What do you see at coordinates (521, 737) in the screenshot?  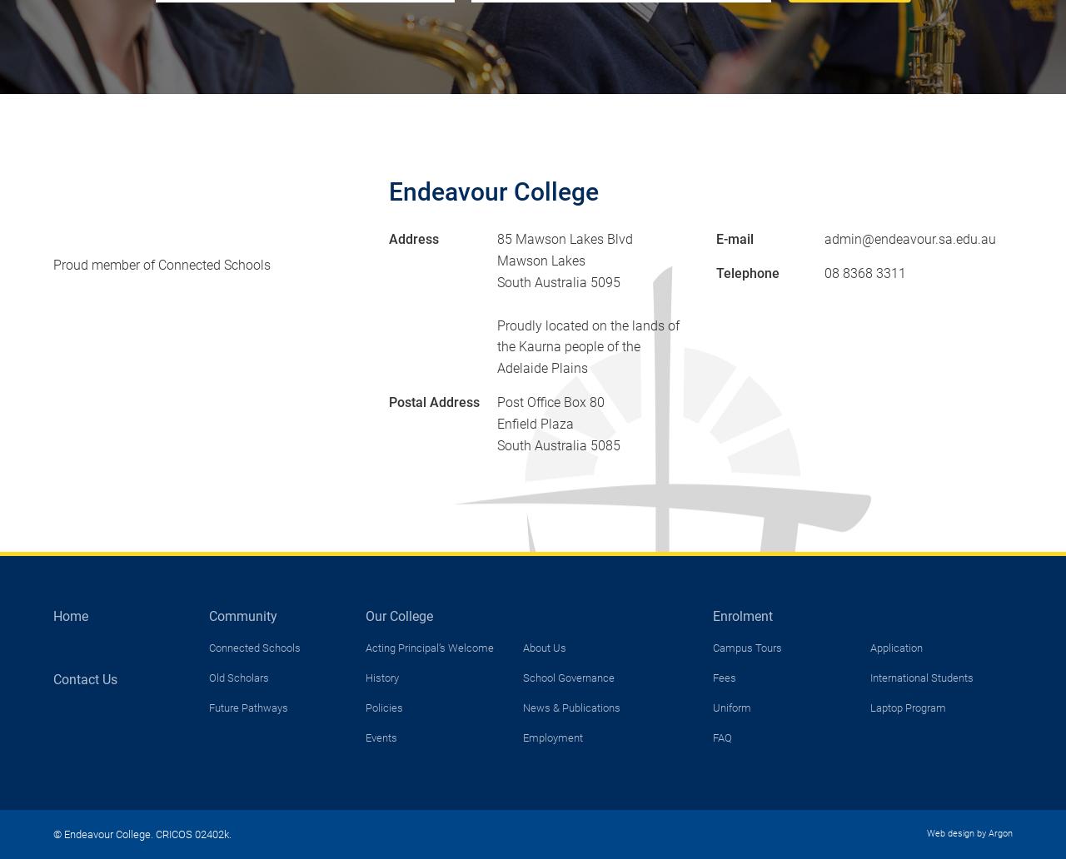 I see `'Employment'` at bounding box center [521, 737].